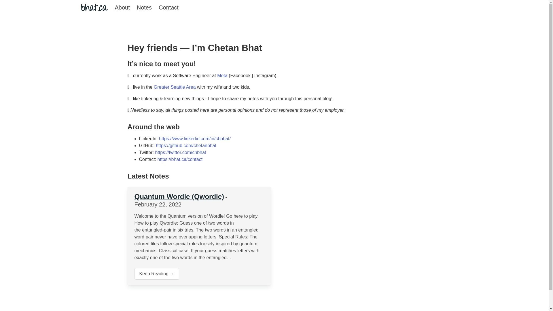 The width and height of the screenshot is (553, 311). I want to click on 'Quantum Wordle (Qwordle)', so click(179, 196).